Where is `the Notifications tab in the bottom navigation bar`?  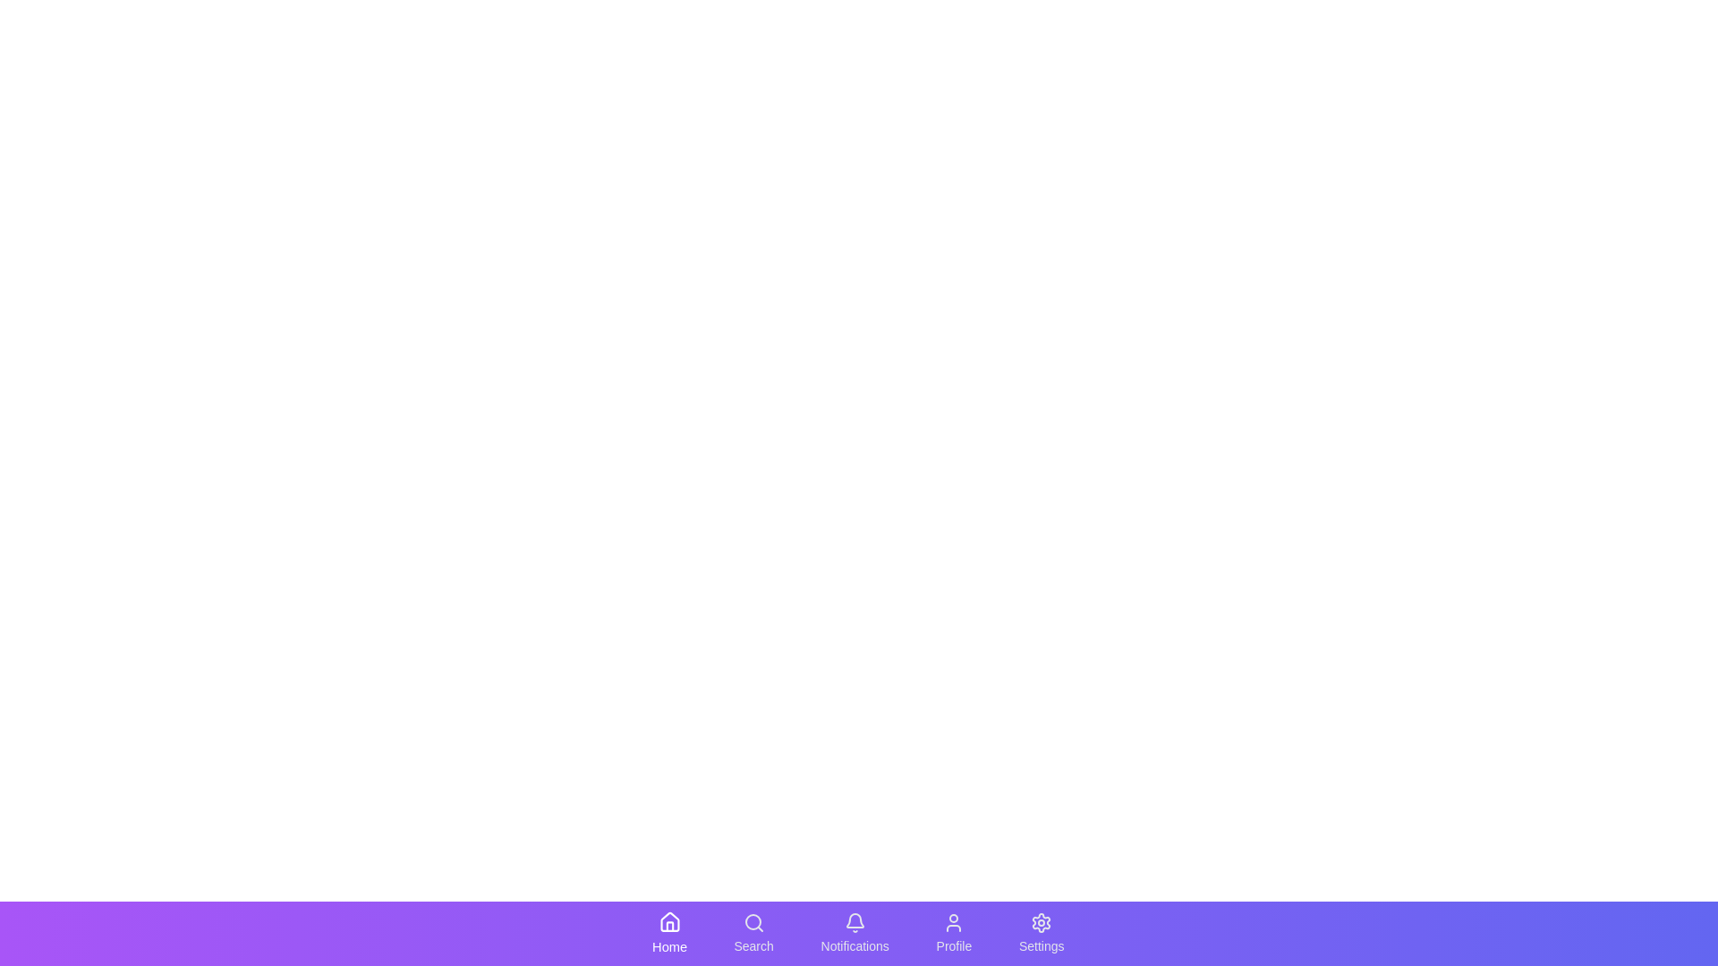
the Notifications tab in the bottom navigation bar is located at coordinates (854, 933).